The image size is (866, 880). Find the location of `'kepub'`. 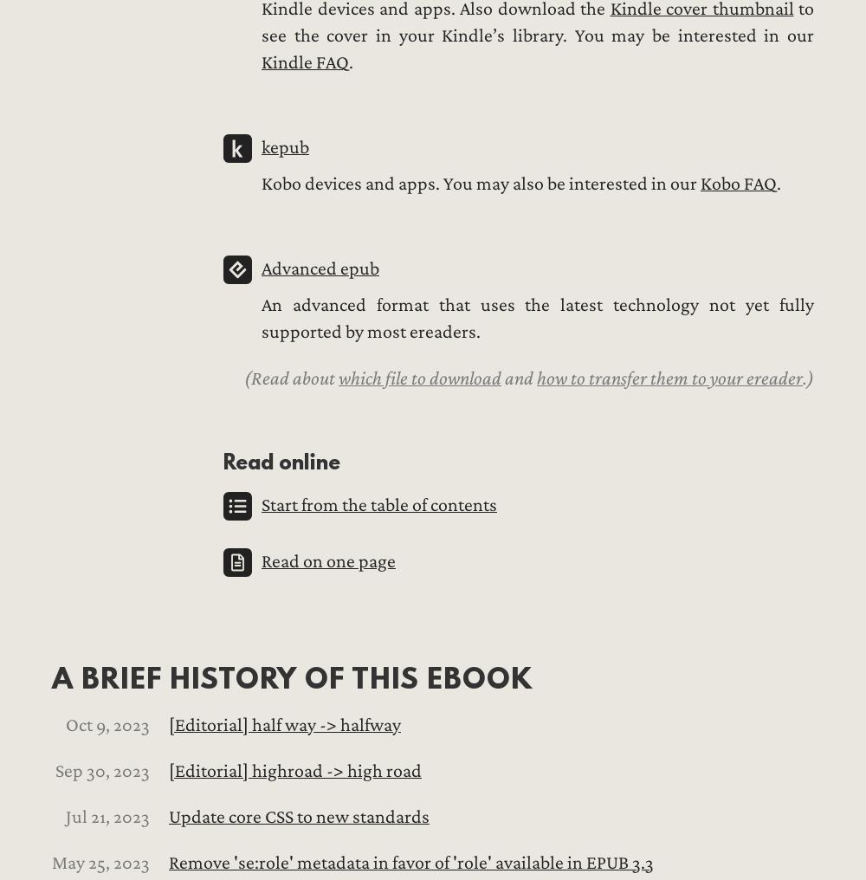

'kepub' is located at coordinates (284, 146).